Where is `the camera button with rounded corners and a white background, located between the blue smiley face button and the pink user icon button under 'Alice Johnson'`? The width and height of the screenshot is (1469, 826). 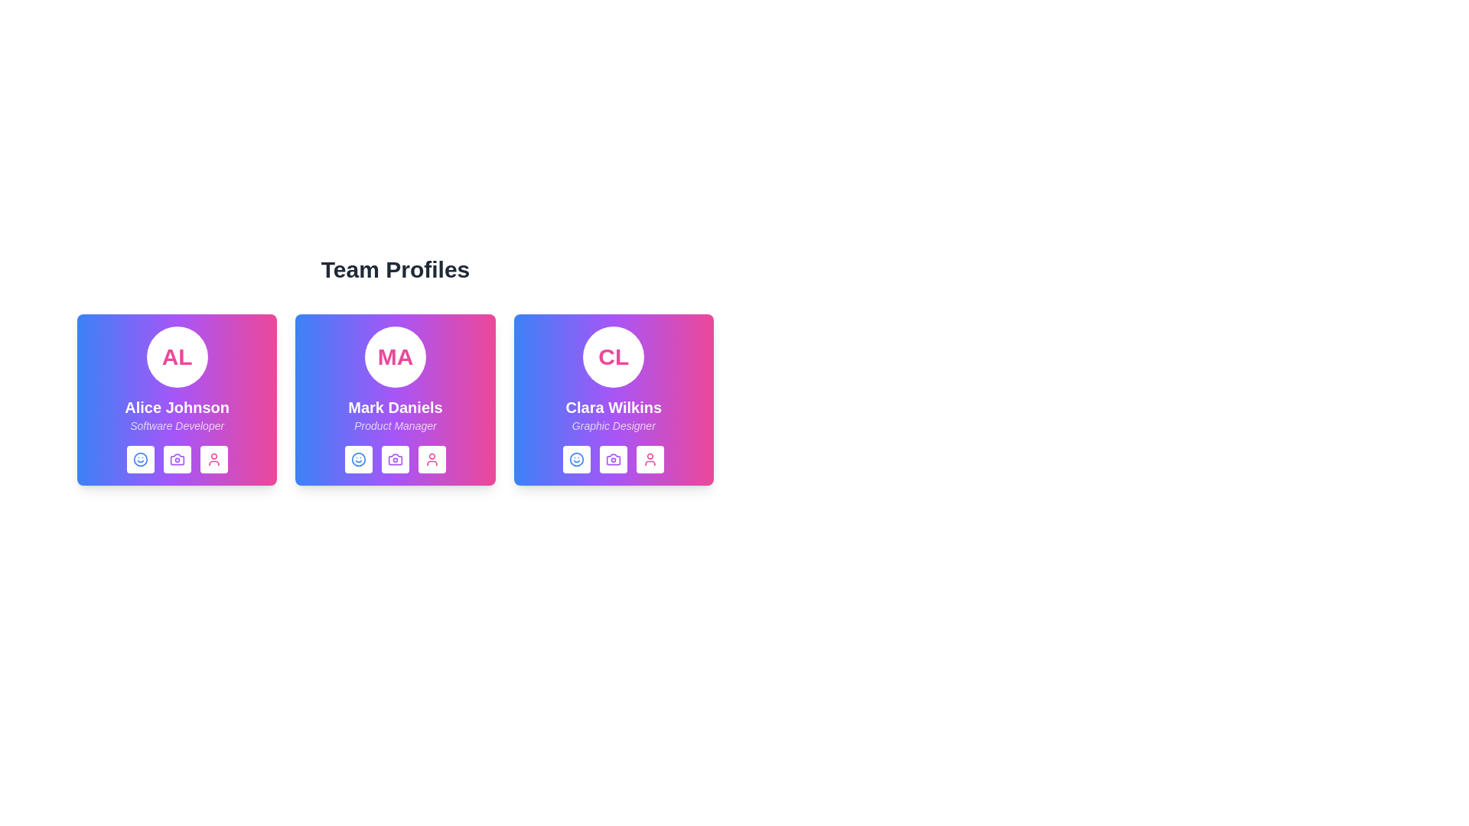
the camera button with rounded corners and a white background, located between the blue smiley face button and the pink user icon button under 'Alice Johnson' is located at coordinates (177, 459).